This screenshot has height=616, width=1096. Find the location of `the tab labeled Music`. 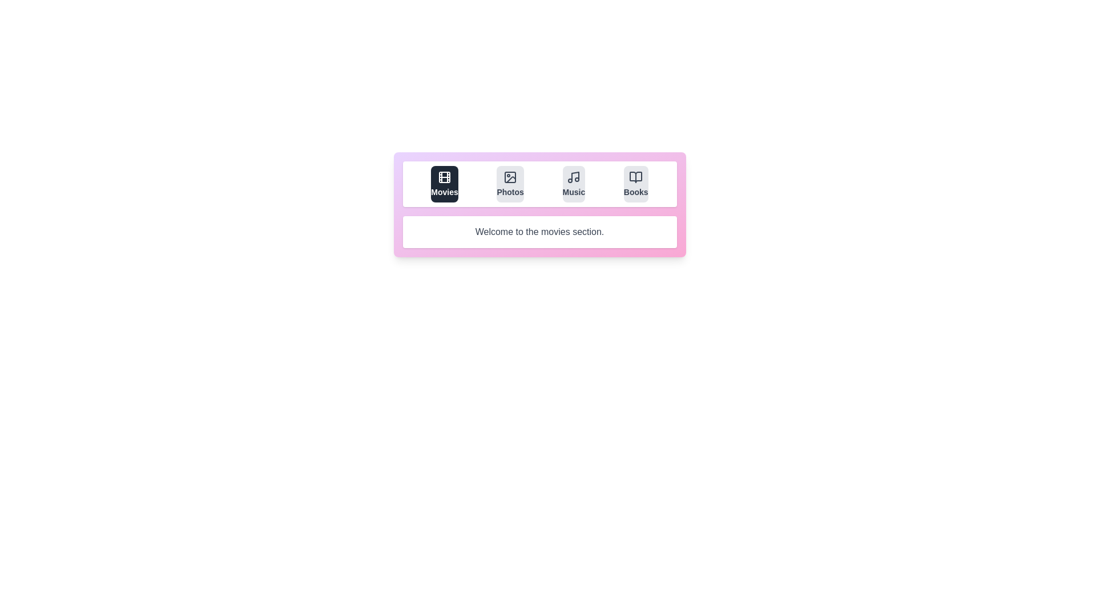

the tab labeled Music is located at coordinates (574, 184).